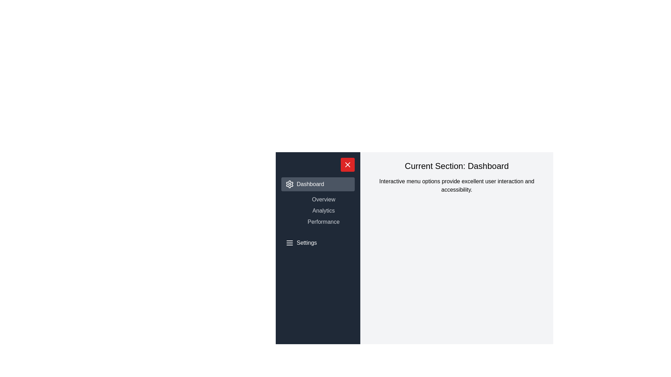 The image size is (671, 377). I want to click on the 'Performance' navigation option text label located in the sidebar under the 'Overview' and 'Analytics' sections, so click(323, 222).